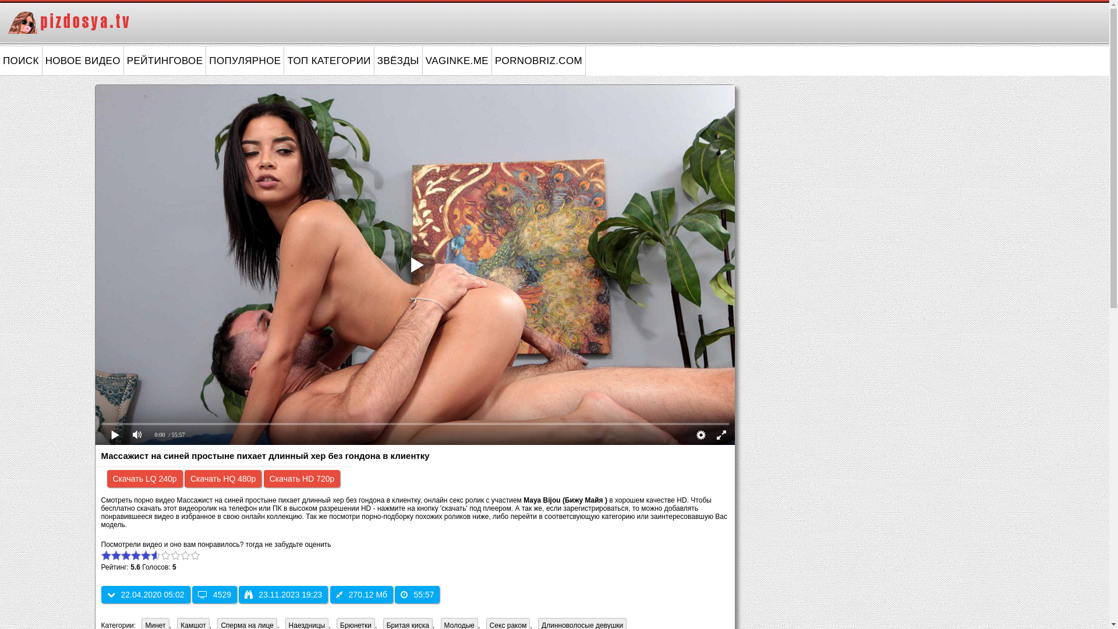  I want to click on '23.11.2023 19:23', so click(238, 595).